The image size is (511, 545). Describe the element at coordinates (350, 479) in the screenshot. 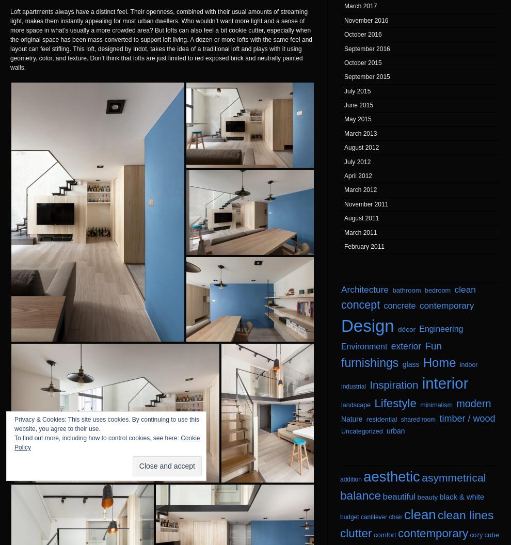

I see `'addition'` at that location.